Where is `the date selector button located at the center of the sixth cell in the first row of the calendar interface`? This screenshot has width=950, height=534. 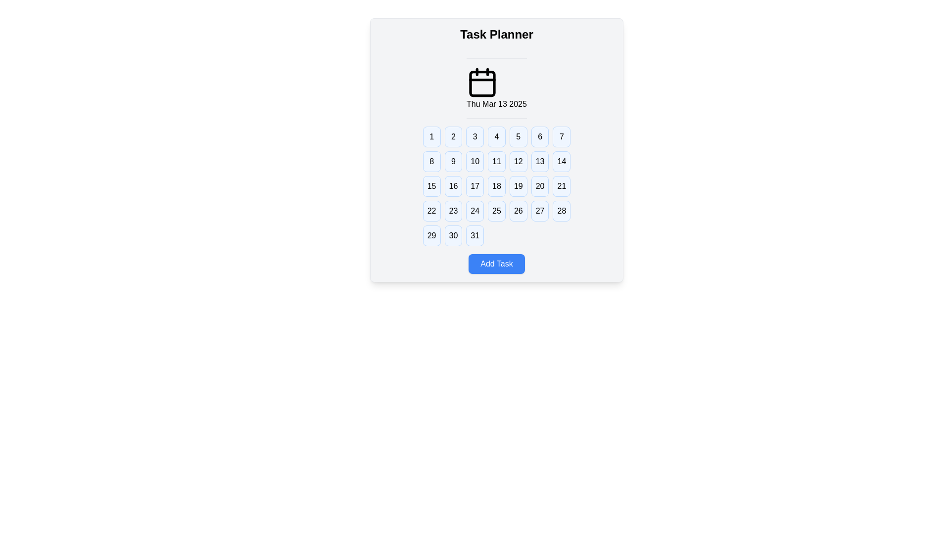 the date selector button located at the center of the sixth cell in the first row of the calendar interface is located at coordinates (539, 137).